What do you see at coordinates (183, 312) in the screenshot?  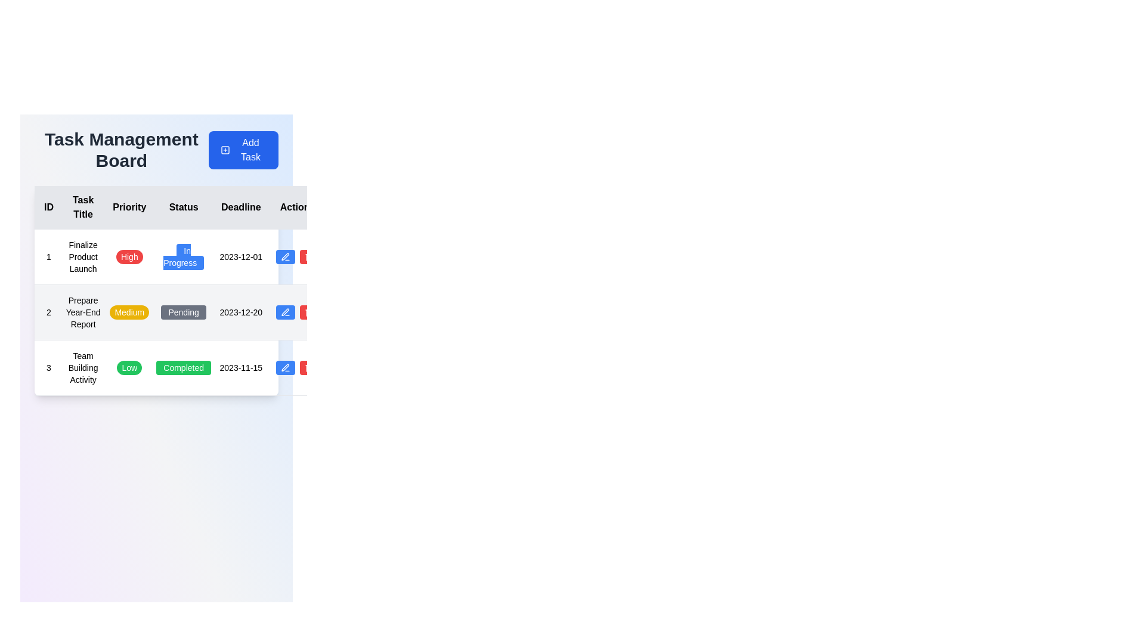 I see `the 'Pending' status label, which is a rounded rectangle with white text on a gray background, located in the second row under the 'Status' column of the tabulated interface` at bounding box center [183, 312].